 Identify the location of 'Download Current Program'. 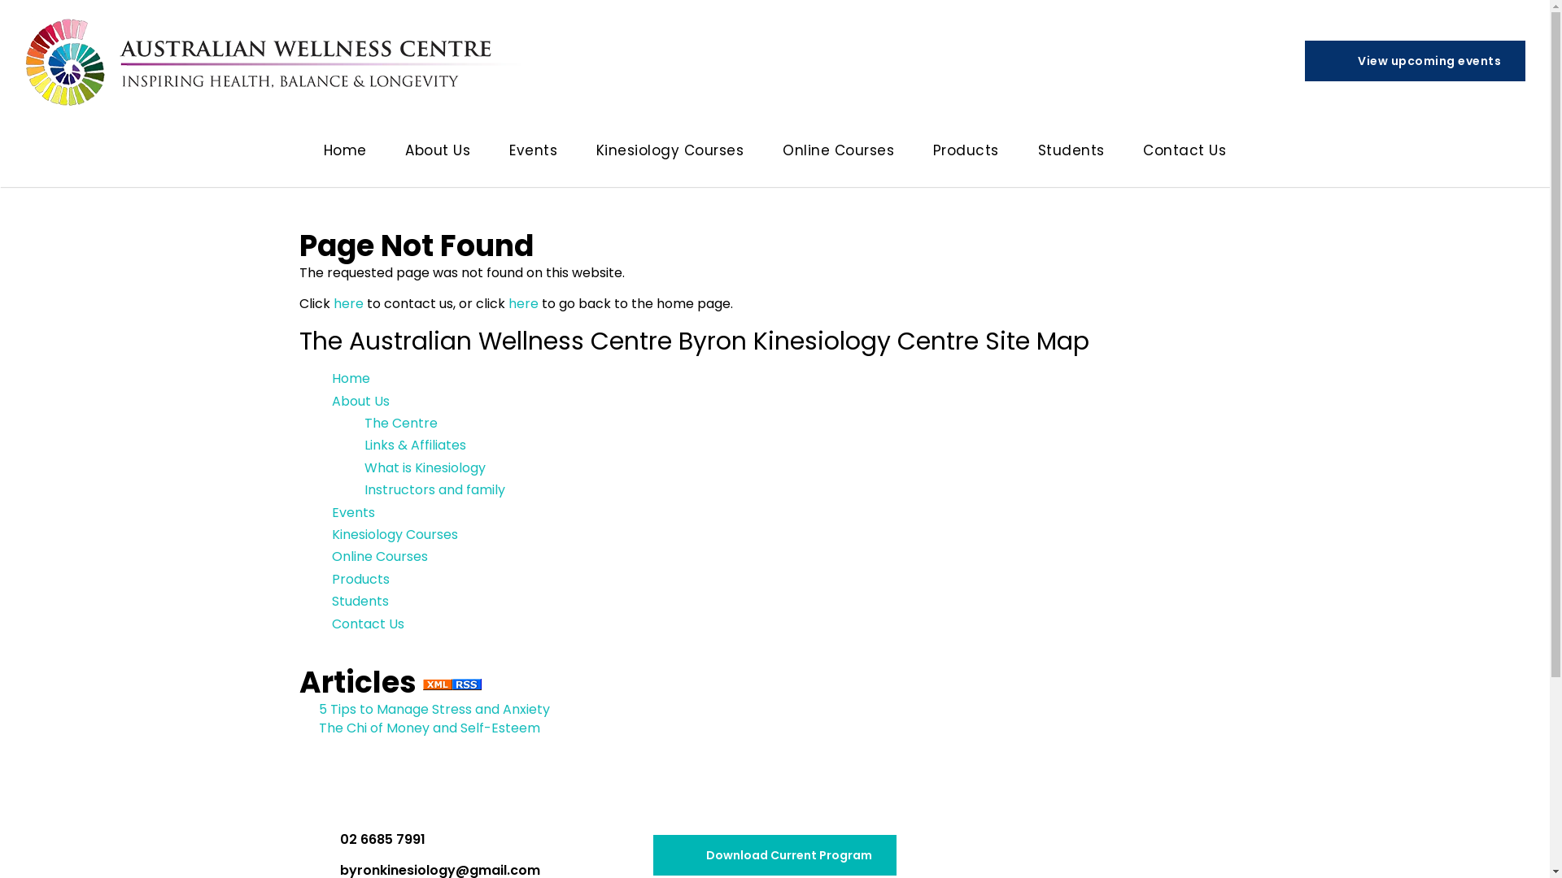
(774, 854).